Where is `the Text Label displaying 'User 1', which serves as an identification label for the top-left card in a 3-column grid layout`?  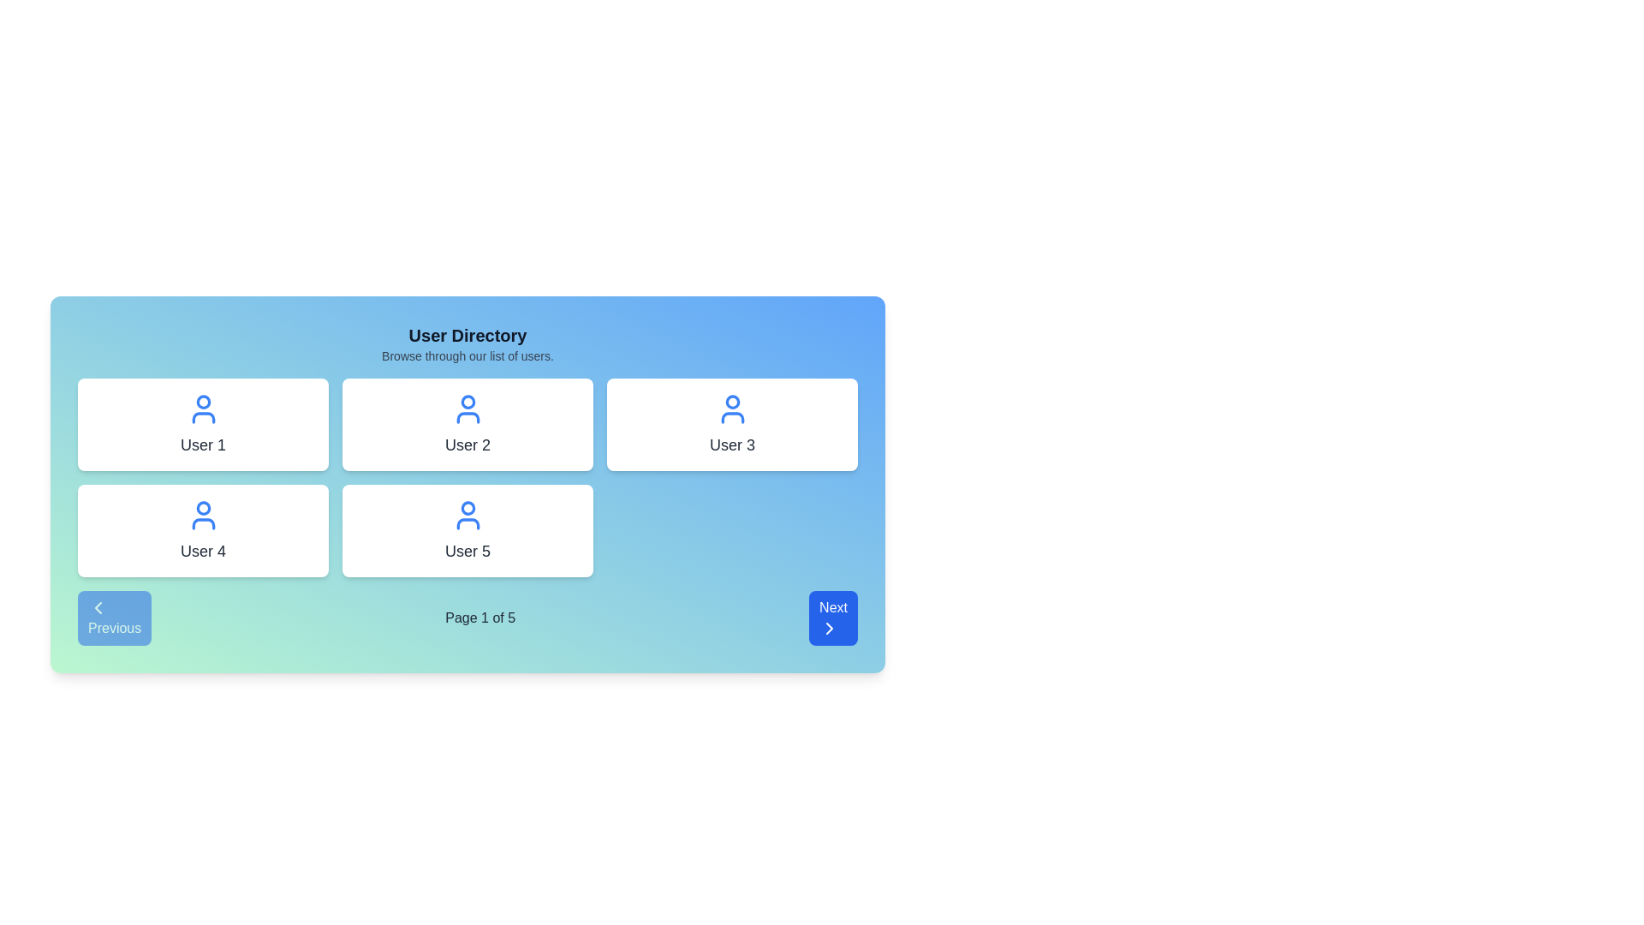
the Text Label displaying 'User 1', which serves as an identification label for the top-left card in a 3-column grid layout is located at coordinates (203, 445).